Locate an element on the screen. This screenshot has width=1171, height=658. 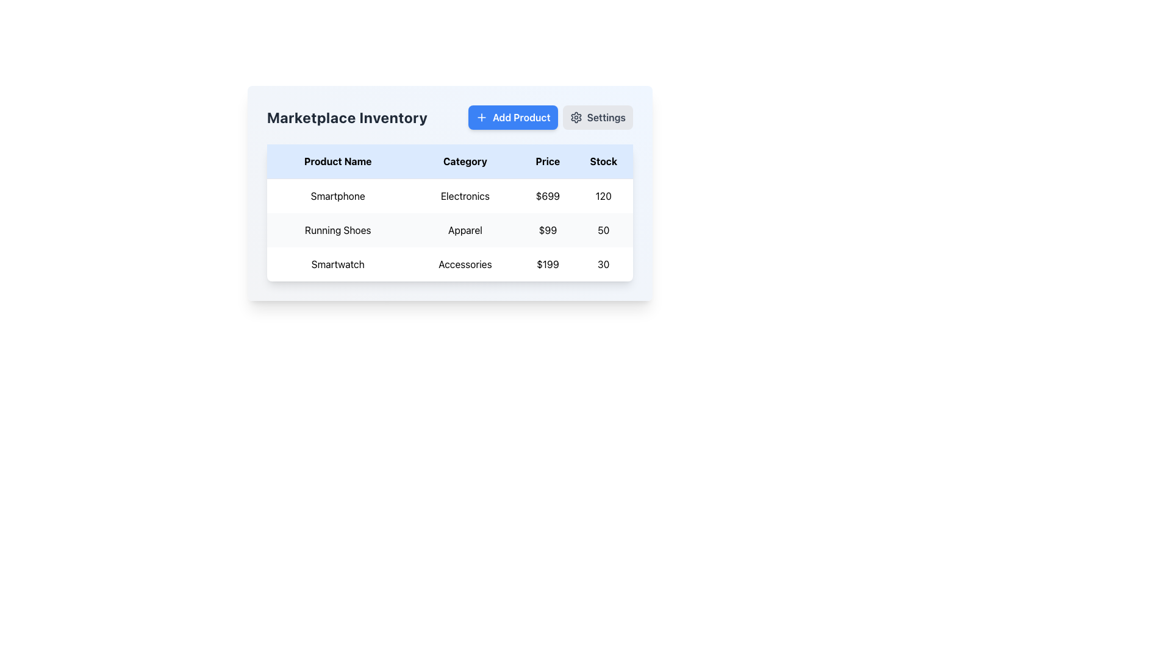
the header label indicating the content of the first column in the table, which corresponds to product names, located in the top-left cell of the header row is located at coordinates (338, 161).